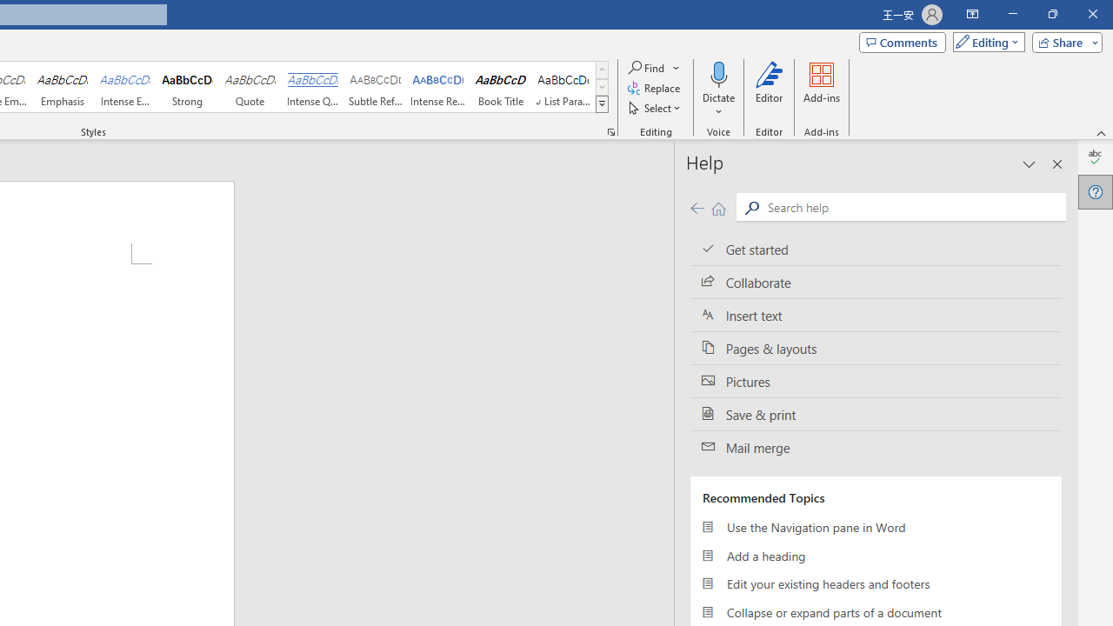 This screenshot has width=1113, height=626. I want to click on 'Styles', so click(602, 104).